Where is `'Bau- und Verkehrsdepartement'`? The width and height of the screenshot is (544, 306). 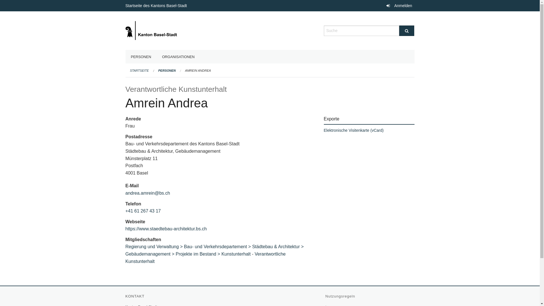
'Bau- und Verkehrsdepartement' is located at coordinates (184, 246).